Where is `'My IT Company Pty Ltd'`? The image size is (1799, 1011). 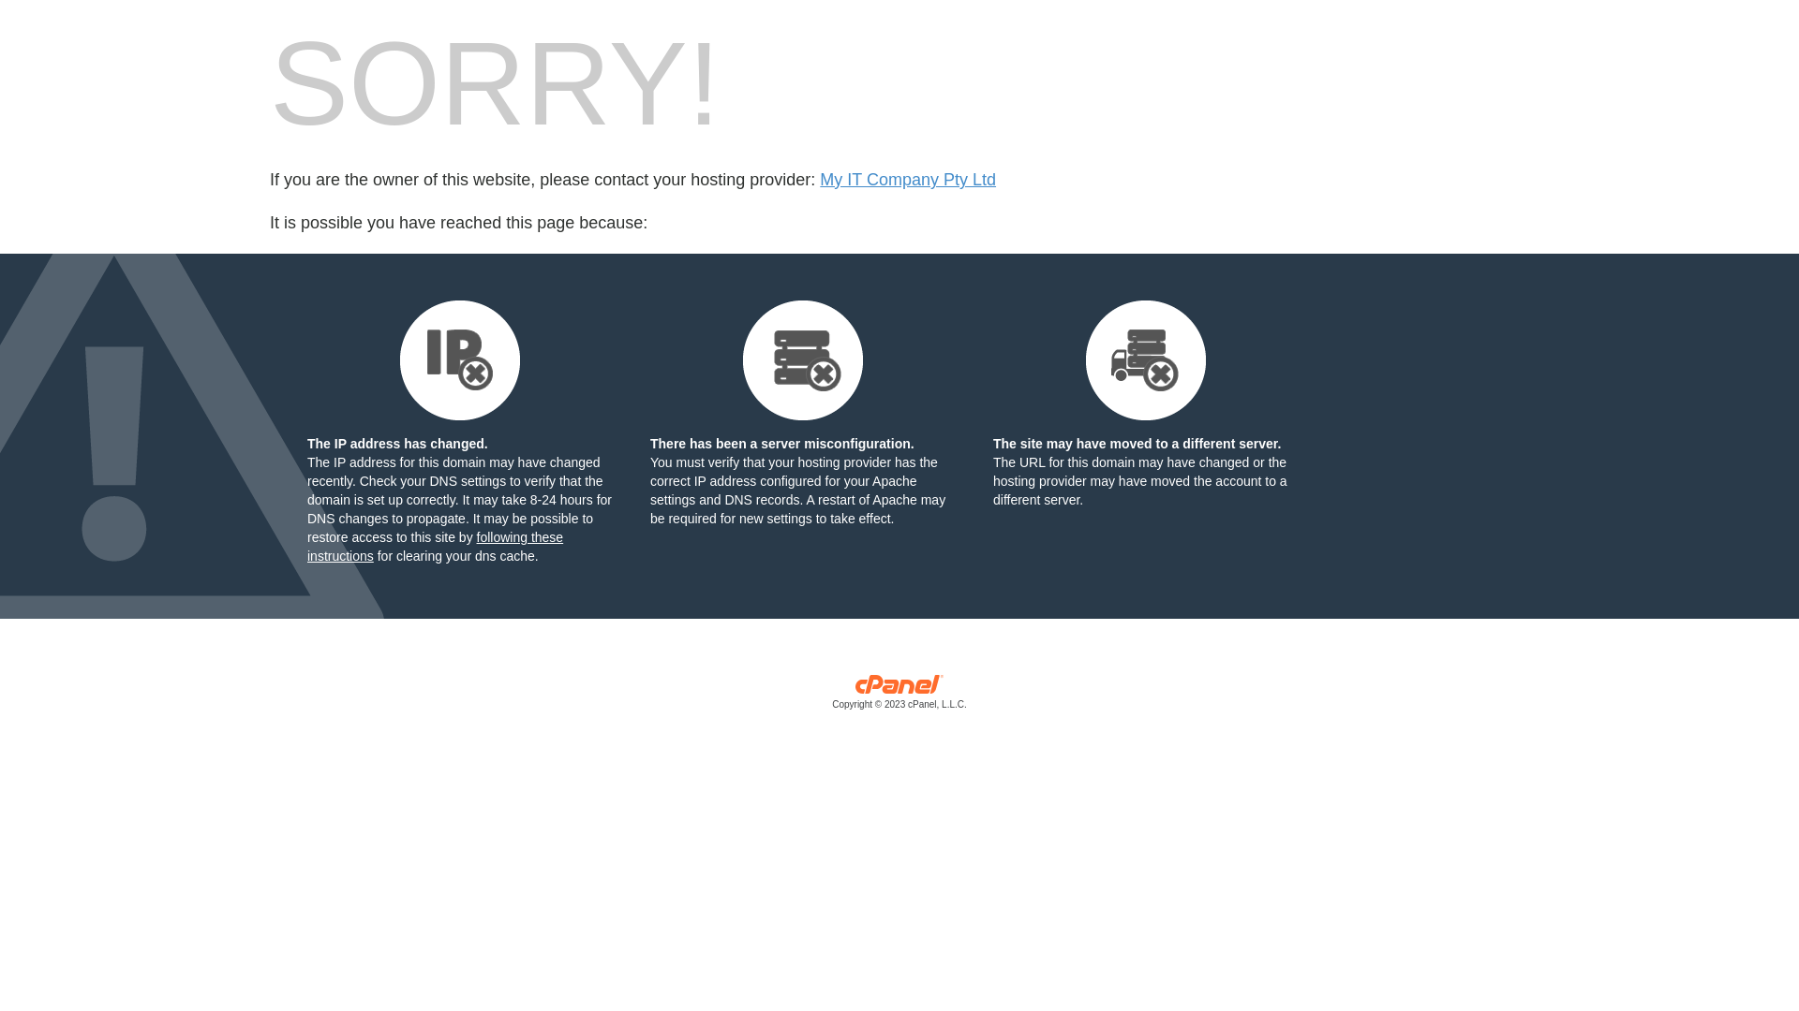
'My IT Company Pty Ltd' is located at coordinates (908, 180).